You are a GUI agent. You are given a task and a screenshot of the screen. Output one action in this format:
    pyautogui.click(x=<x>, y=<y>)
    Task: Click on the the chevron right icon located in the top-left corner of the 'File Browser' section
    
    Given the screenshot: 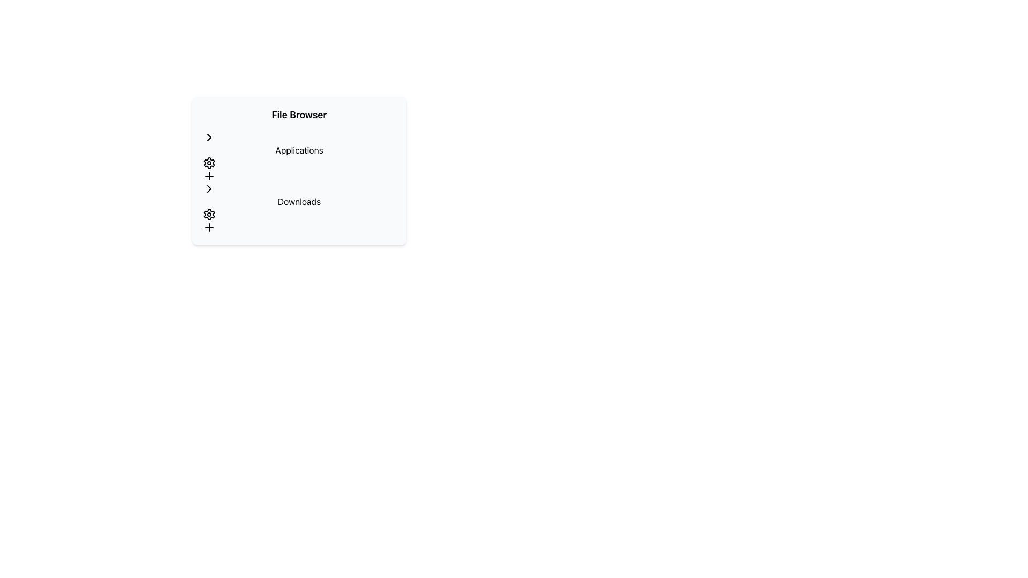 What is the action you would take?
    pyautogui.click(x=209, y=188)
    